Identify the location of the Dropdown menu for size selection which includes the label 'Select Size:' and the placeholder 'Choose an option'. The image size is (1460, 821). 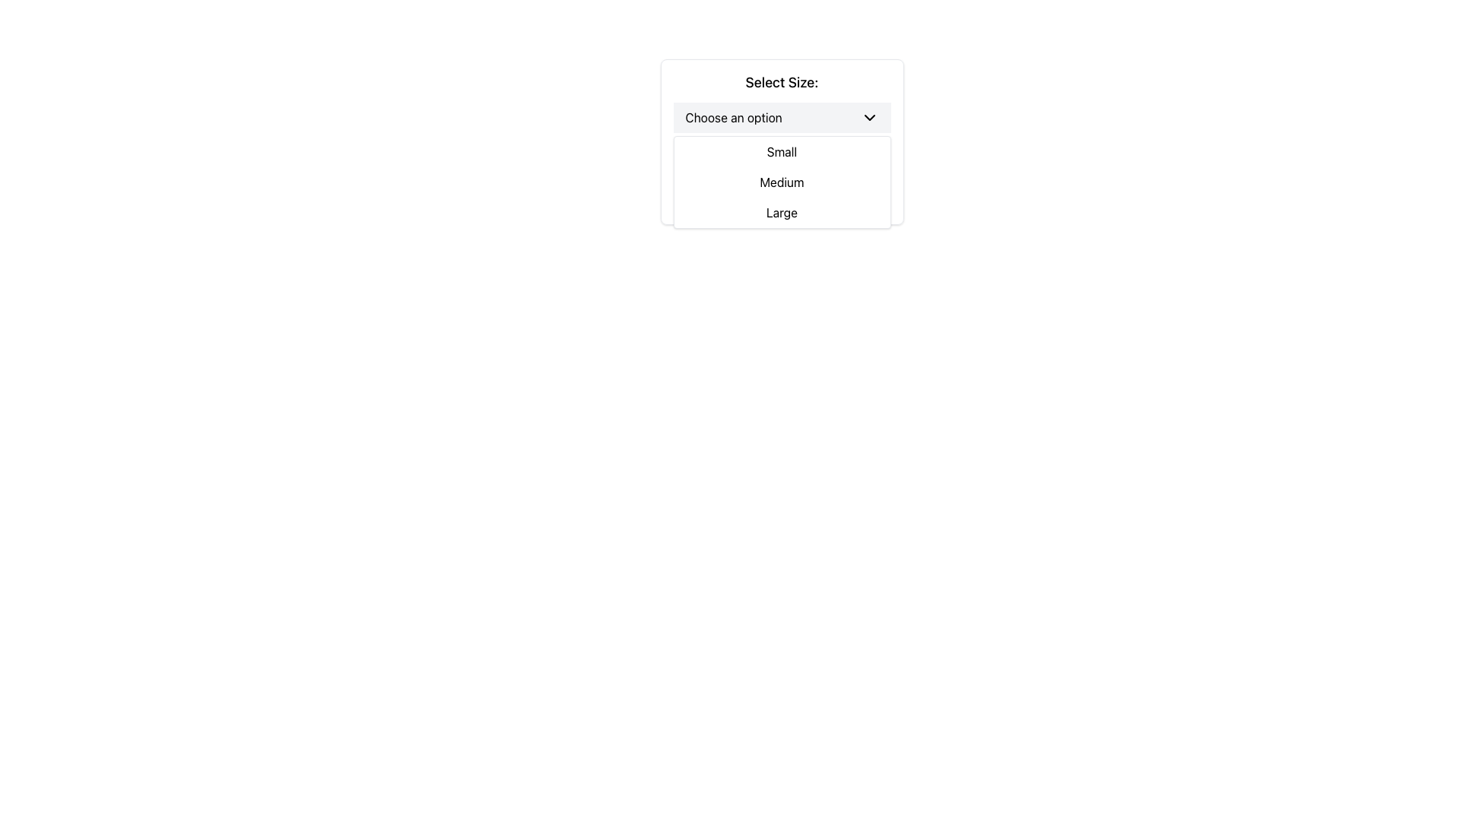
(782, 141).